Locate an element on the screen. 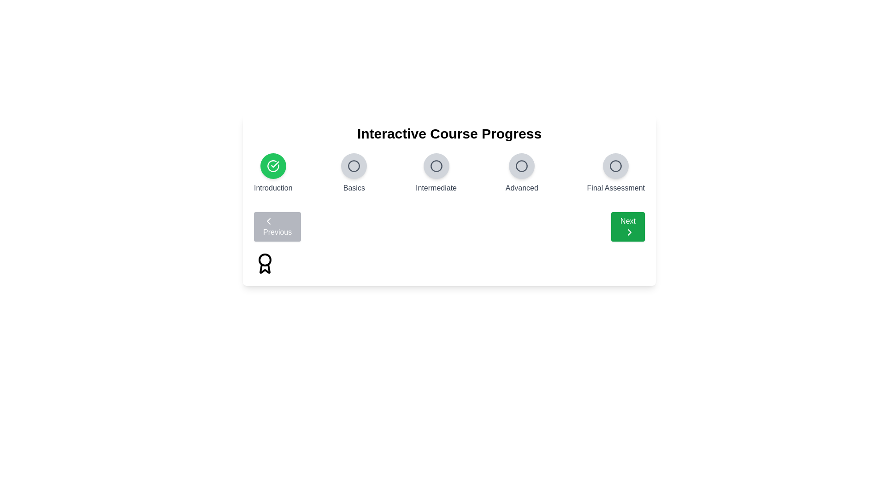 The image size is (885, 497). the 'Basics' step indicator in the progress tracker, which is located second from the left, between 'Introduction' and 'Intermediate' is located at coordinates (354, 173).